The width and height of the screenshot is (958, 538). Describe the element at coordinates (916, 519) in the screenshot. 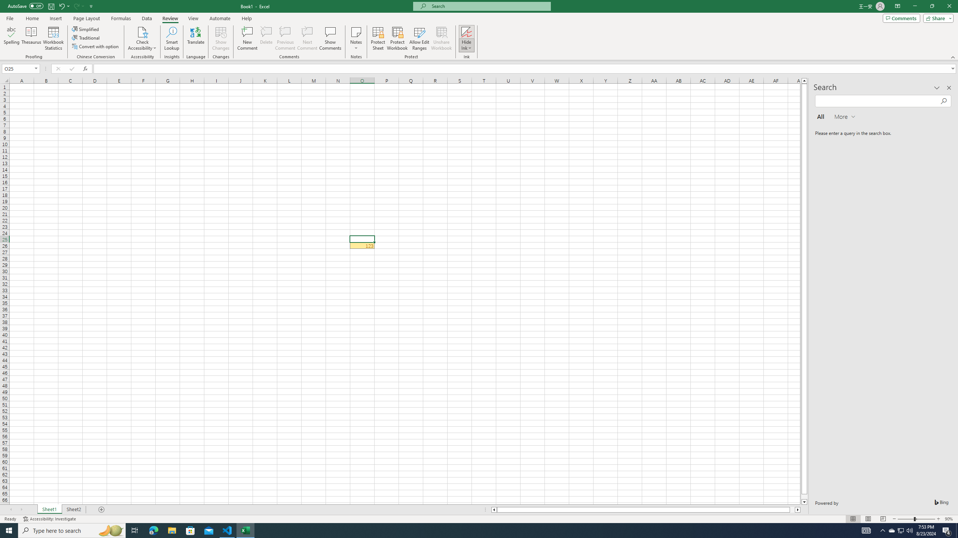

I see `'Zoom'` at that location.